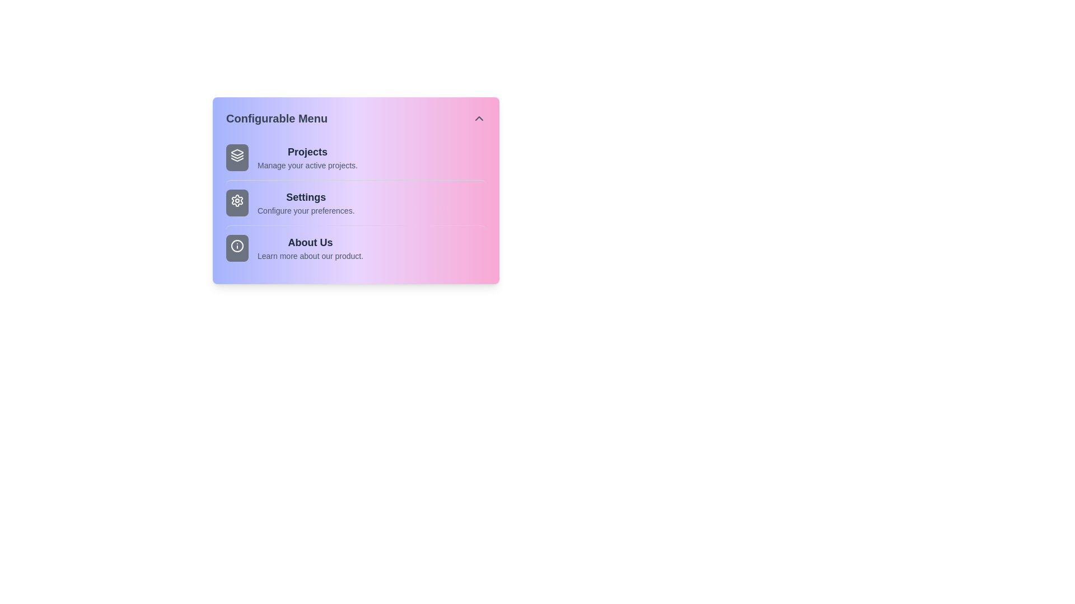 This screenshot has width=1075, height=604. I want to click on the menu item Projects by clicking on it, so click(355, 157).